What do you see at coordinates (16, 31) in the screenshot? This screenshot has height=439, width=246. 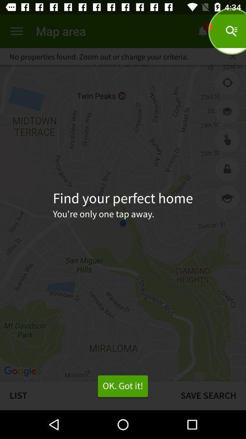 I see `open menu` at bounding box center [16, 31].